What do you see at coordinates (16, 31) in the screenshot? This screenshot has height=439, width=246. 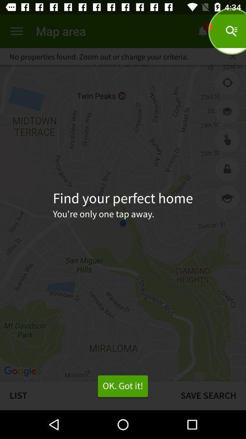 I see `open menu` at bounding box center [16, 31].